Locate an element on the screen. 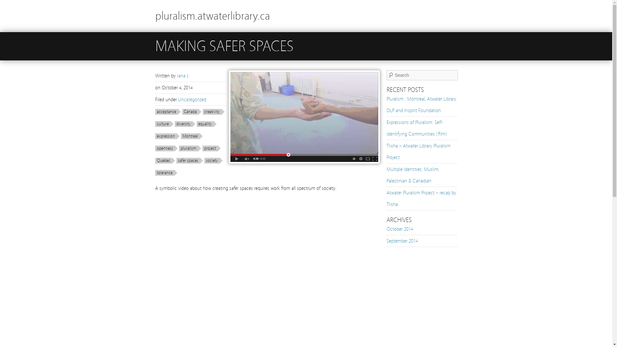  'September 2014' is located at coordinates (401, 241).